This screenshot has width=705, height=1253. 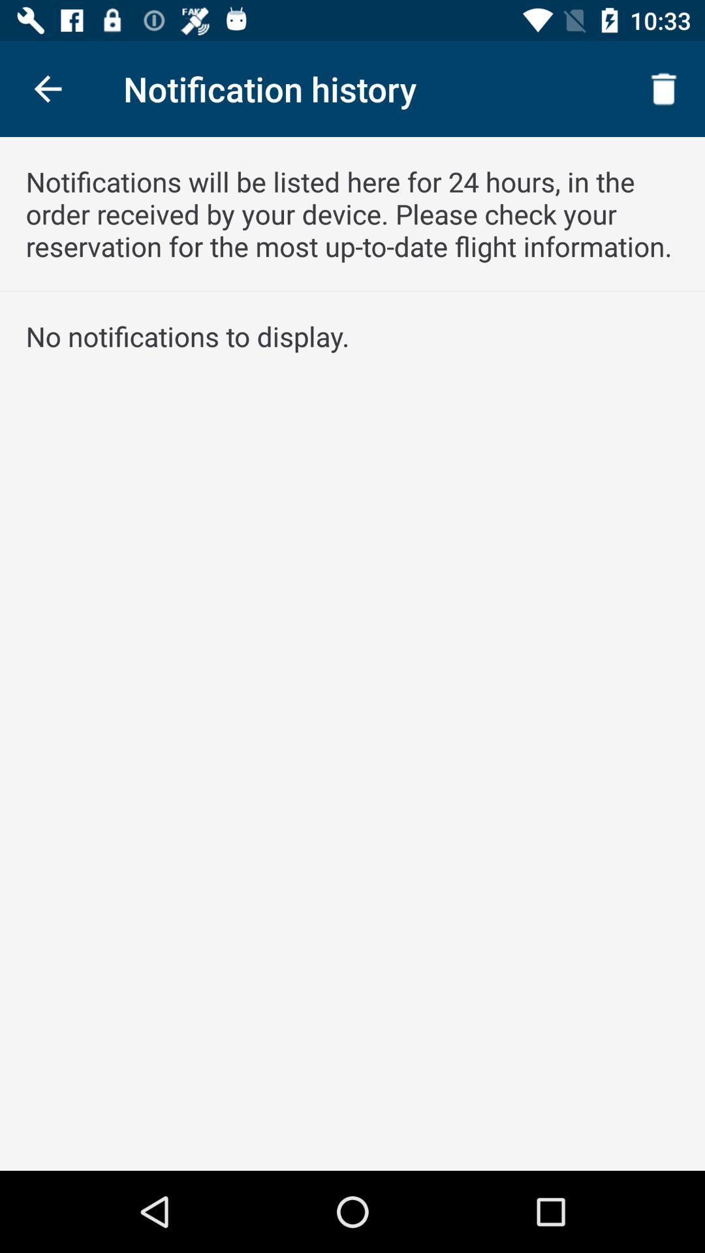 What do you see at coordinates (47, 88) in the screenshot?
I see `item at the top left corner` at bounding box center [47, 88].